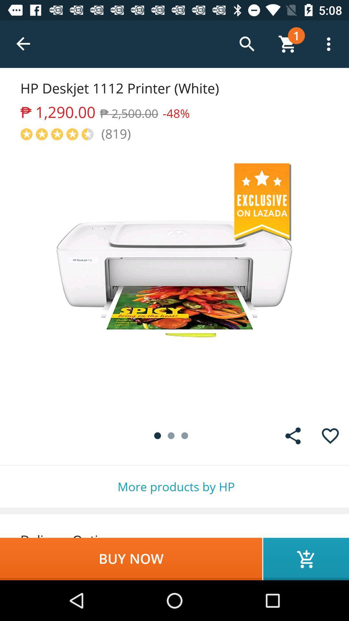  Describe the element at coordinates (330, 436) in the screenshot. I see `to wishlist` at that location.